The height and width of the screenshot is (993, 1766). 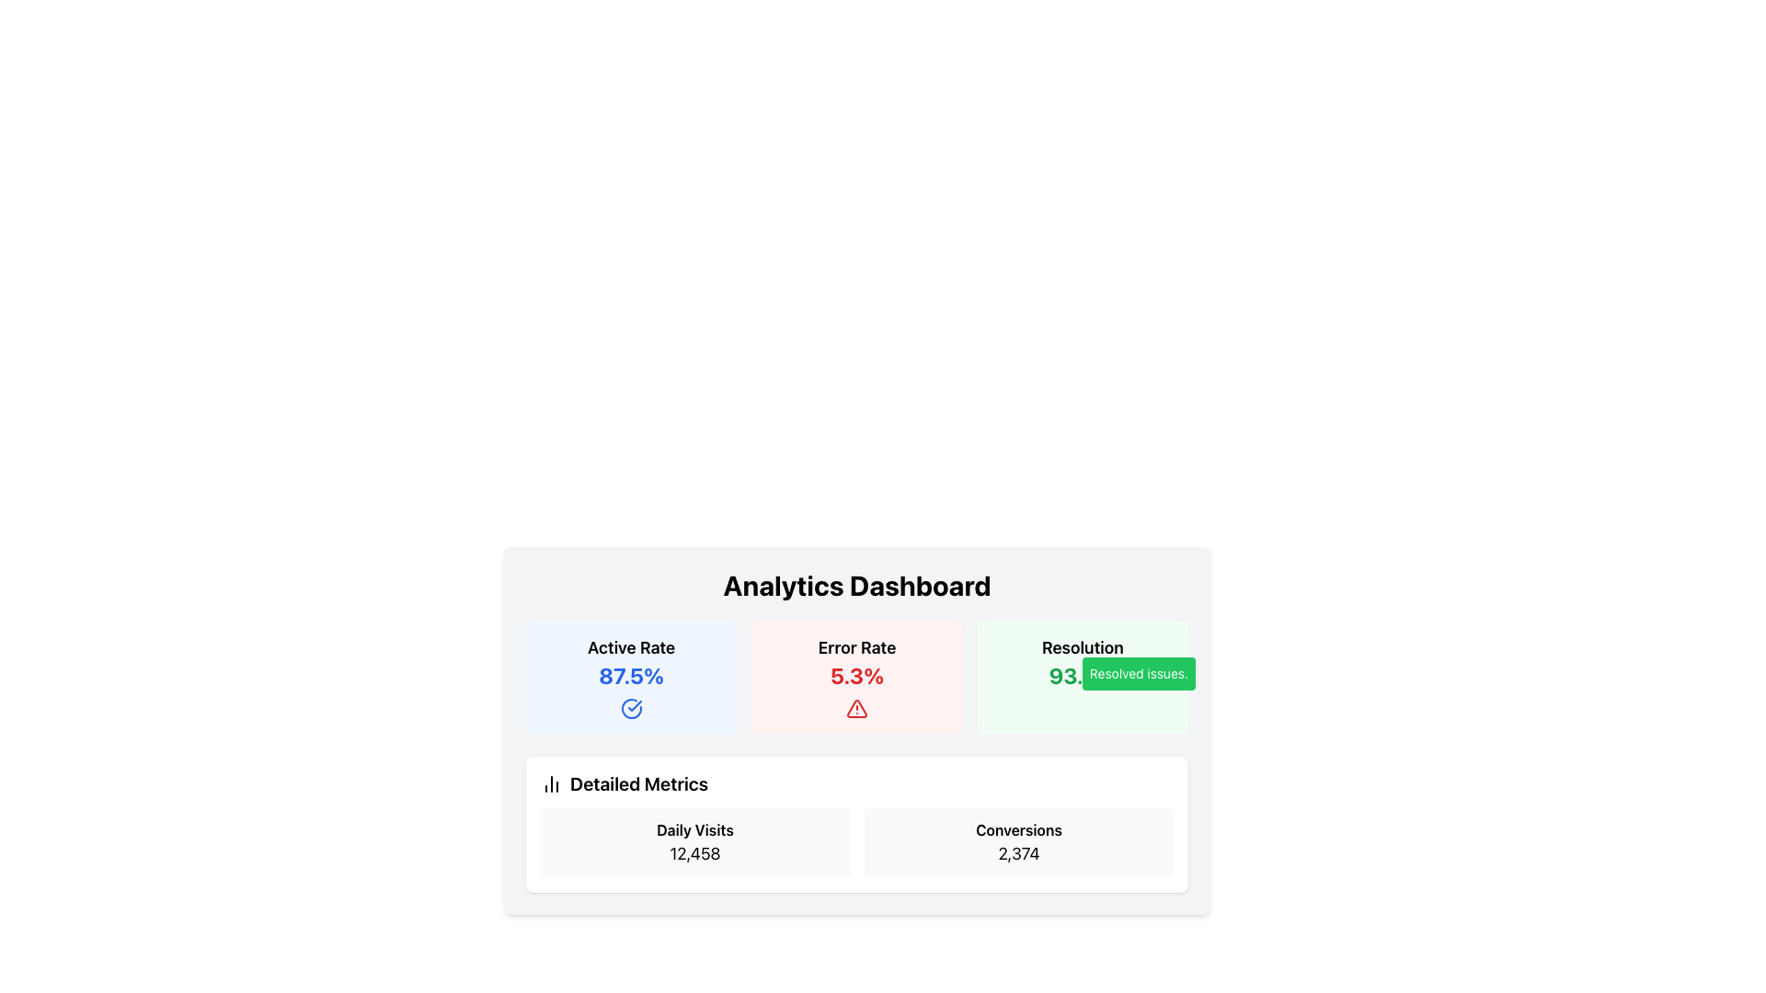 What do you see at coordinates (1018, 854) in the screenshot?
I see `the text element displaying the number '2,374'` at bounding box center [1018, 854].